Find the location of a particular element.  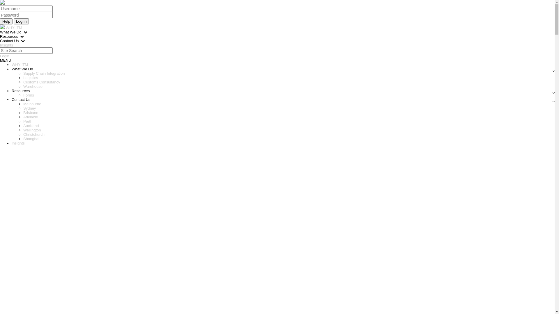

'Customs Consultancy' is located at coordinates (23, 82).